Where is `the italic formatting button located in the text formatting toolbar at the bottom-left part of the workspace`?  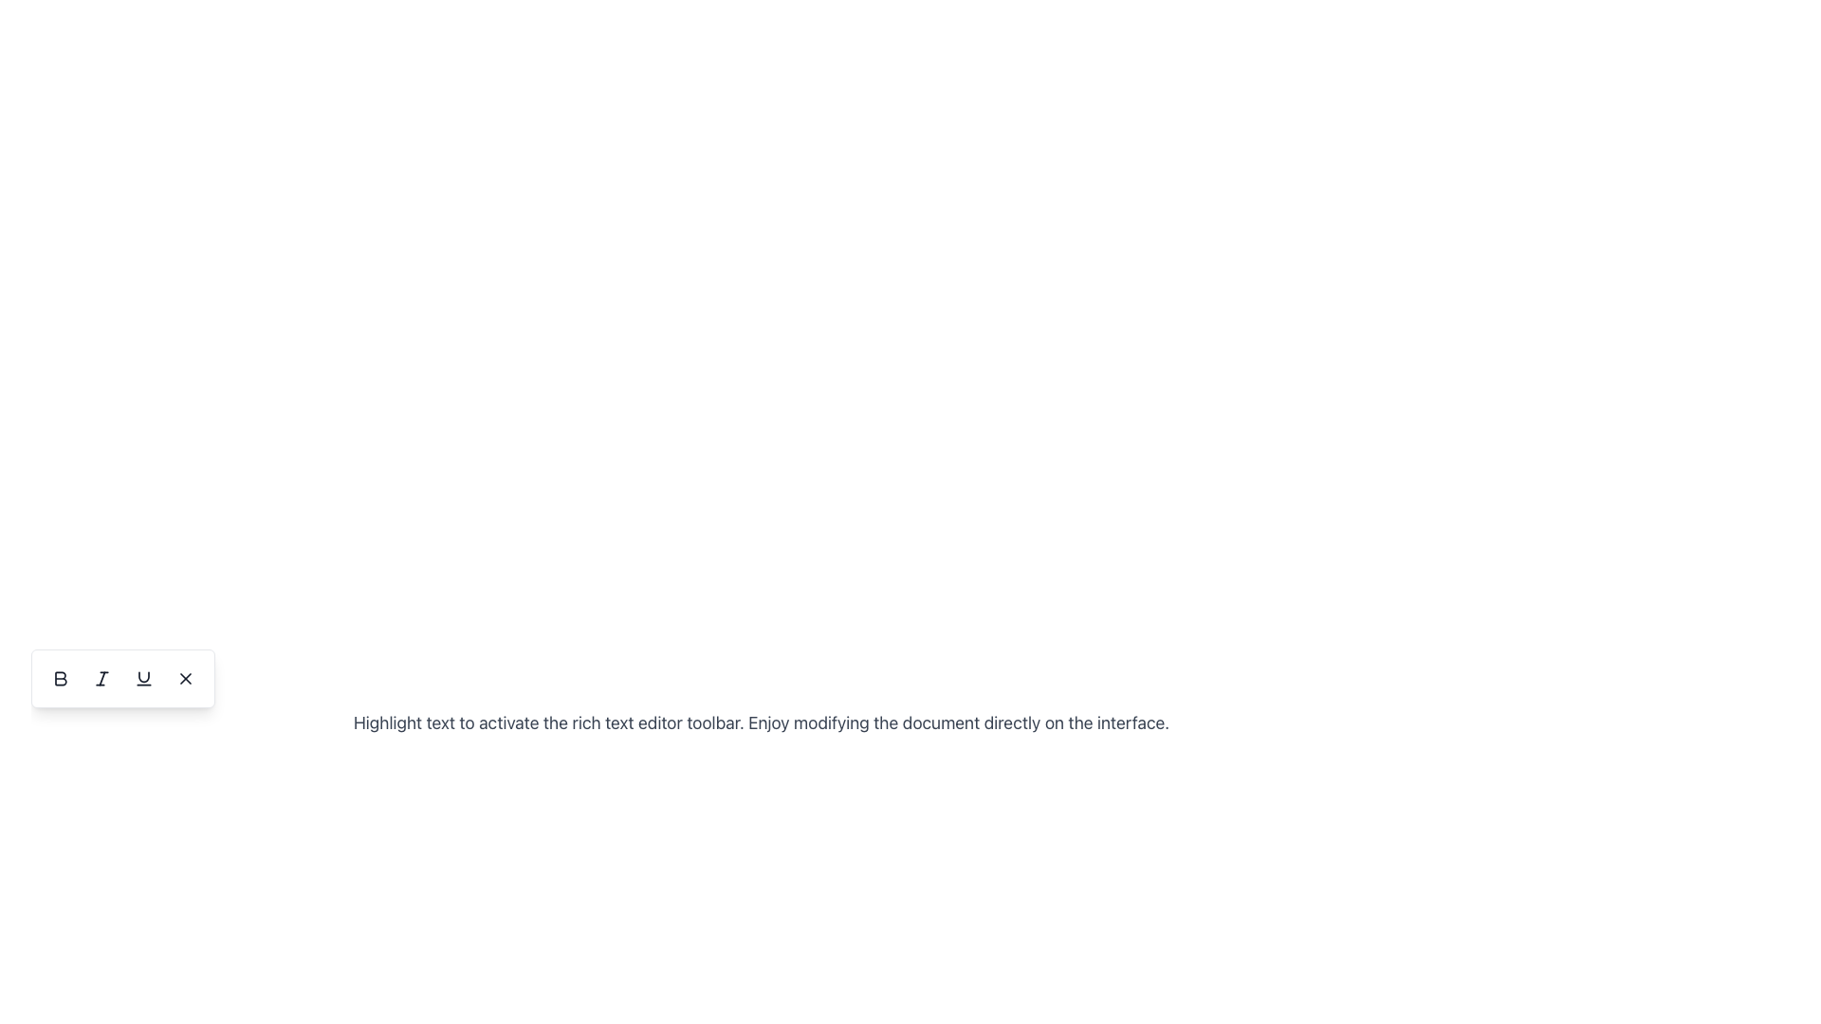
the italic formatting button located in the text formatting toolbar at the bottom-left part of the workspace is located at coordinates (101, 678).